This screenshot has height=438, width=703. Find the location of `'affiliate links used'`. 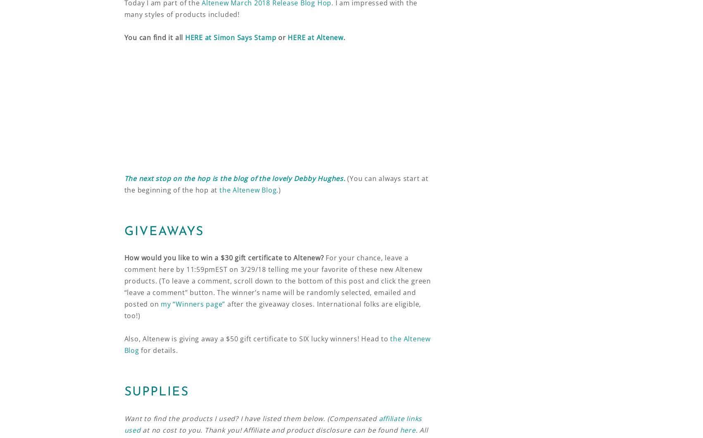

'affiliate links used' is located at coordinates (272, 423).